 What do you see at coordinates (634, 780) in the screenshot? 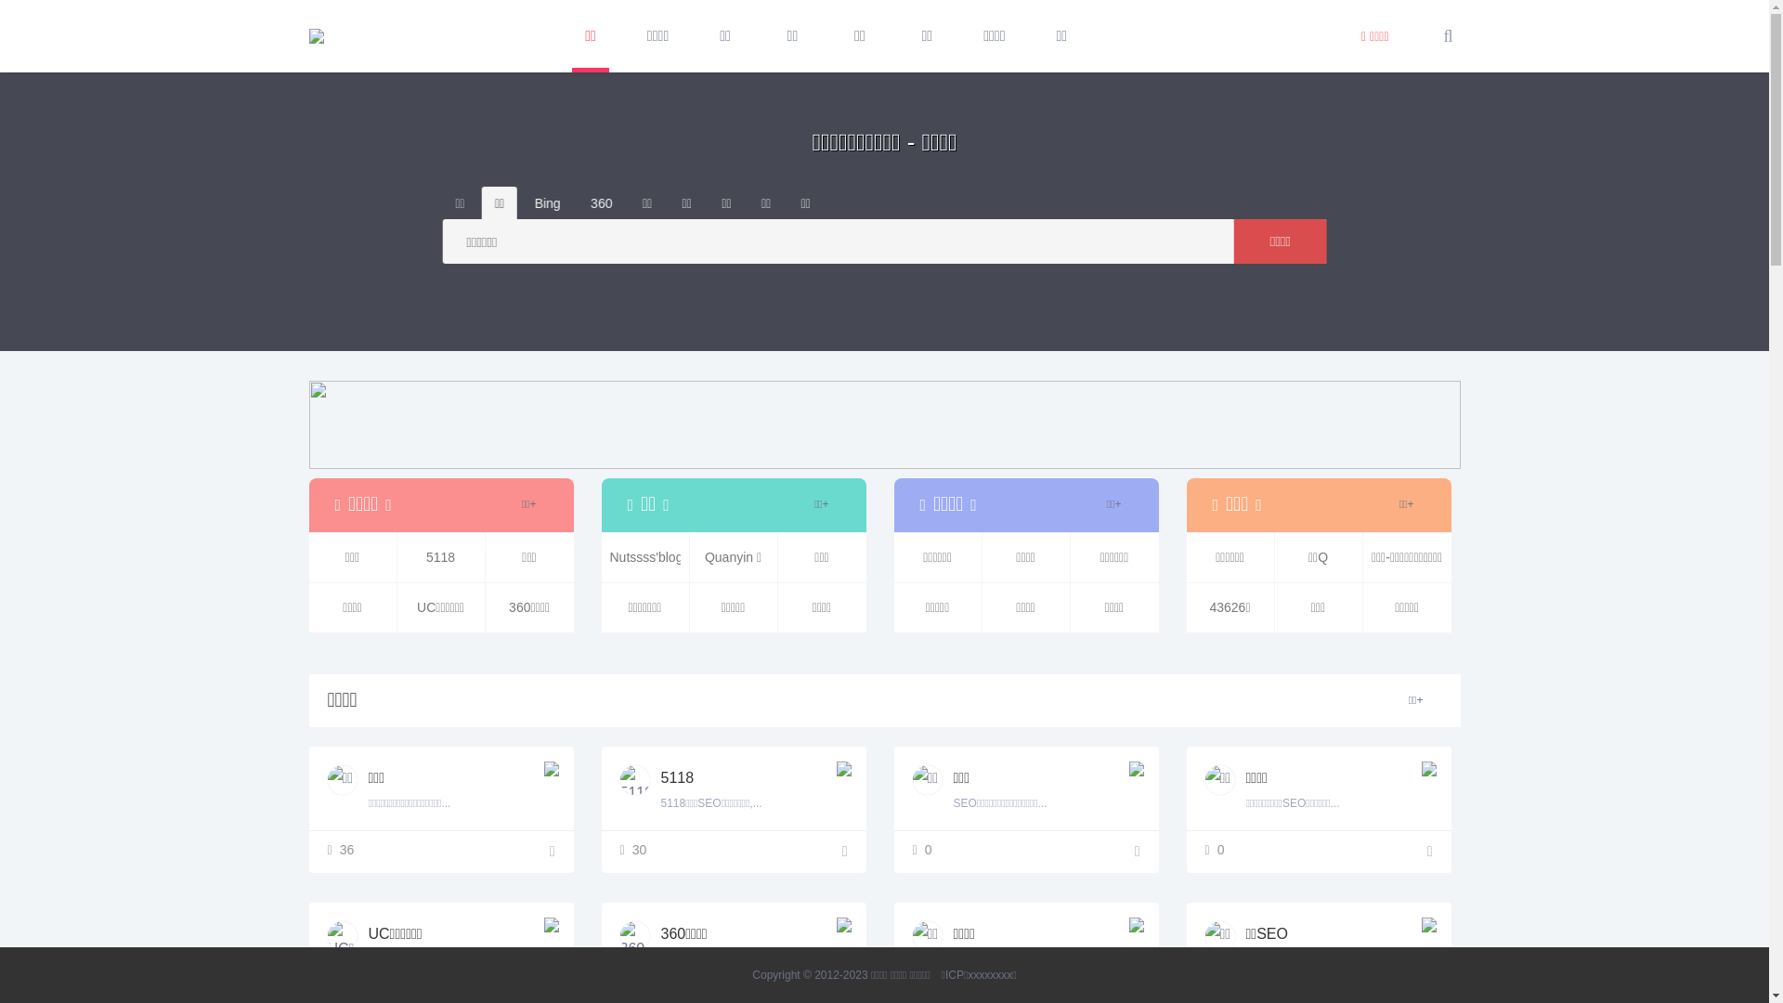
I see `'5118'` at bounding box center [634, 780].